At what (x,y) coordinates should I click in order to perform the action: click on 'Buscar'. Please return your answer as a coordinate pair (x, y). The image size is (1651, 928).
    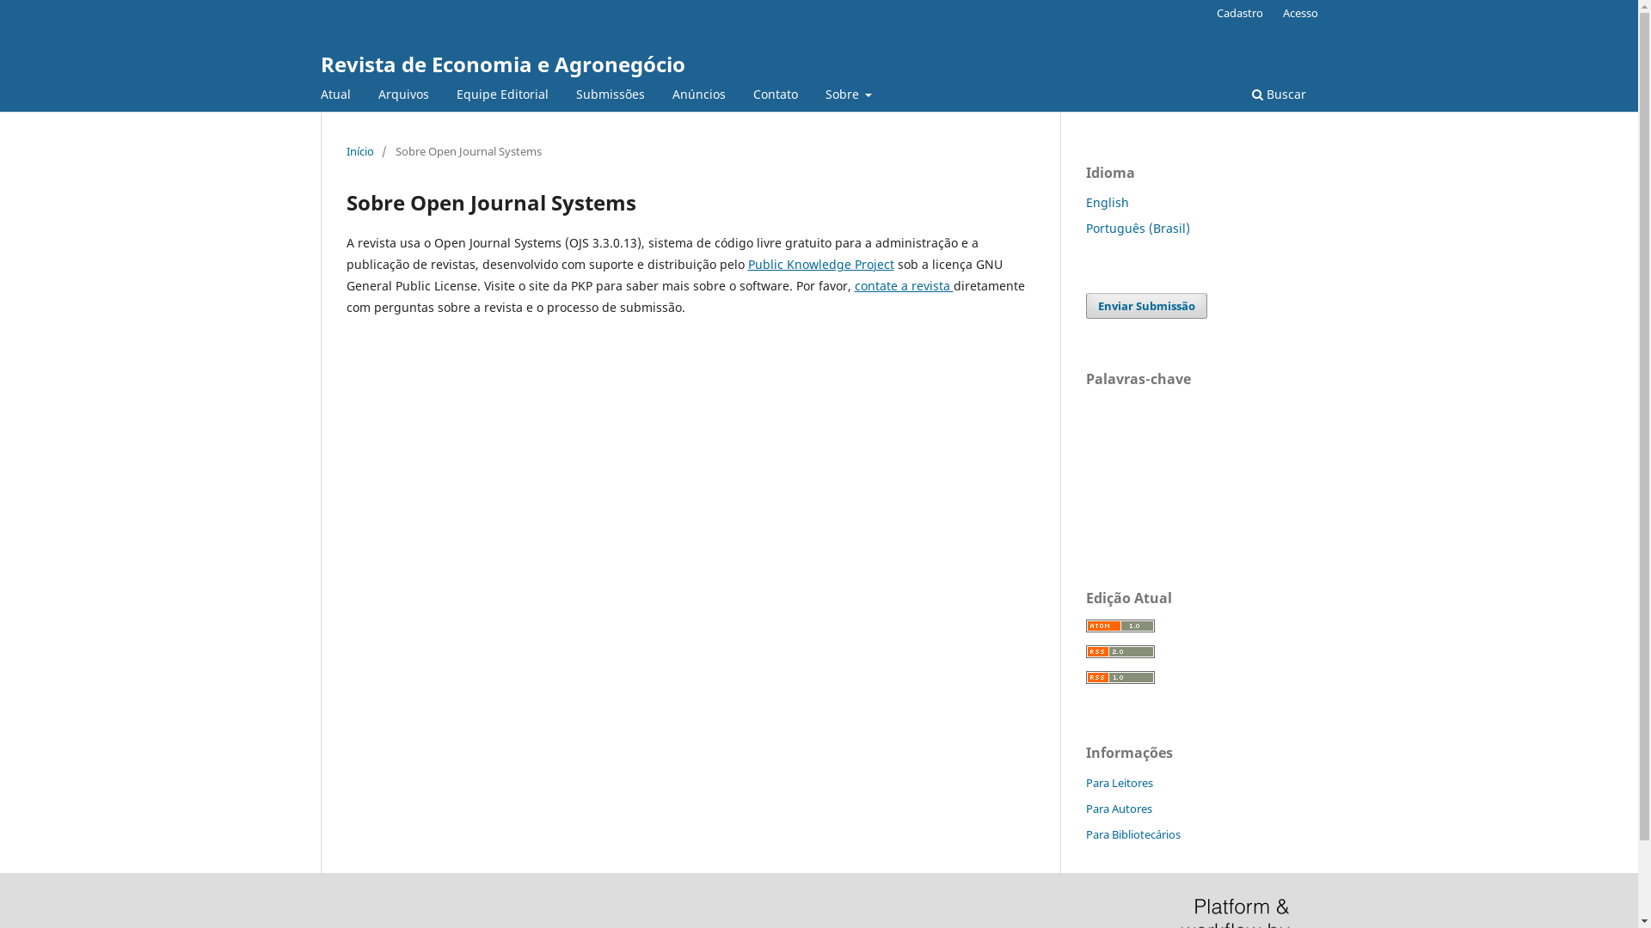
    Looking at the image, I should click on (1278, 96).